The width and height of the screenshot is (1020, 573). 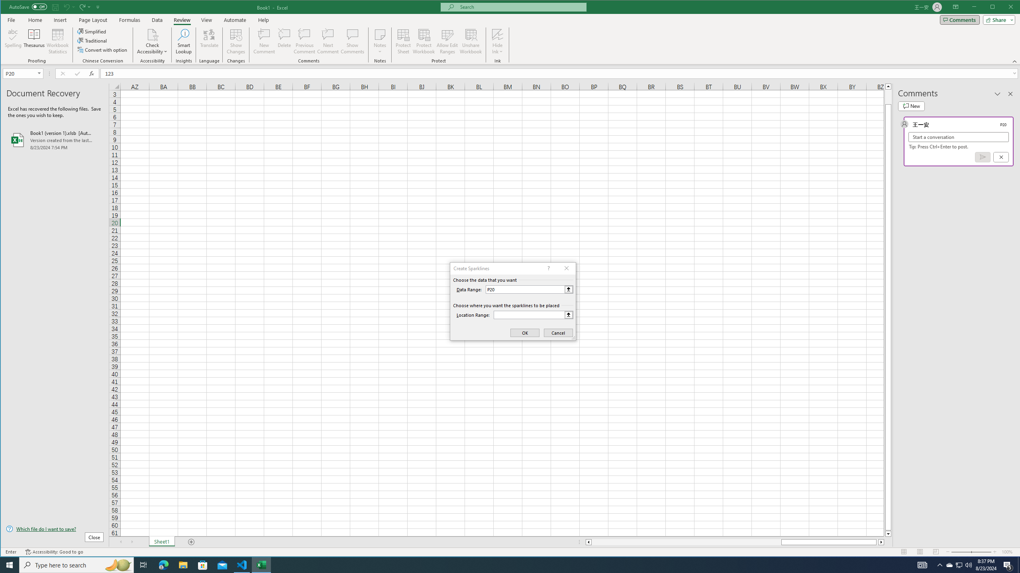 What do you see at coordinates (57, 41) in the screenshot?
I see `'Workbook Statistics'` at bounding box center [57, 41].